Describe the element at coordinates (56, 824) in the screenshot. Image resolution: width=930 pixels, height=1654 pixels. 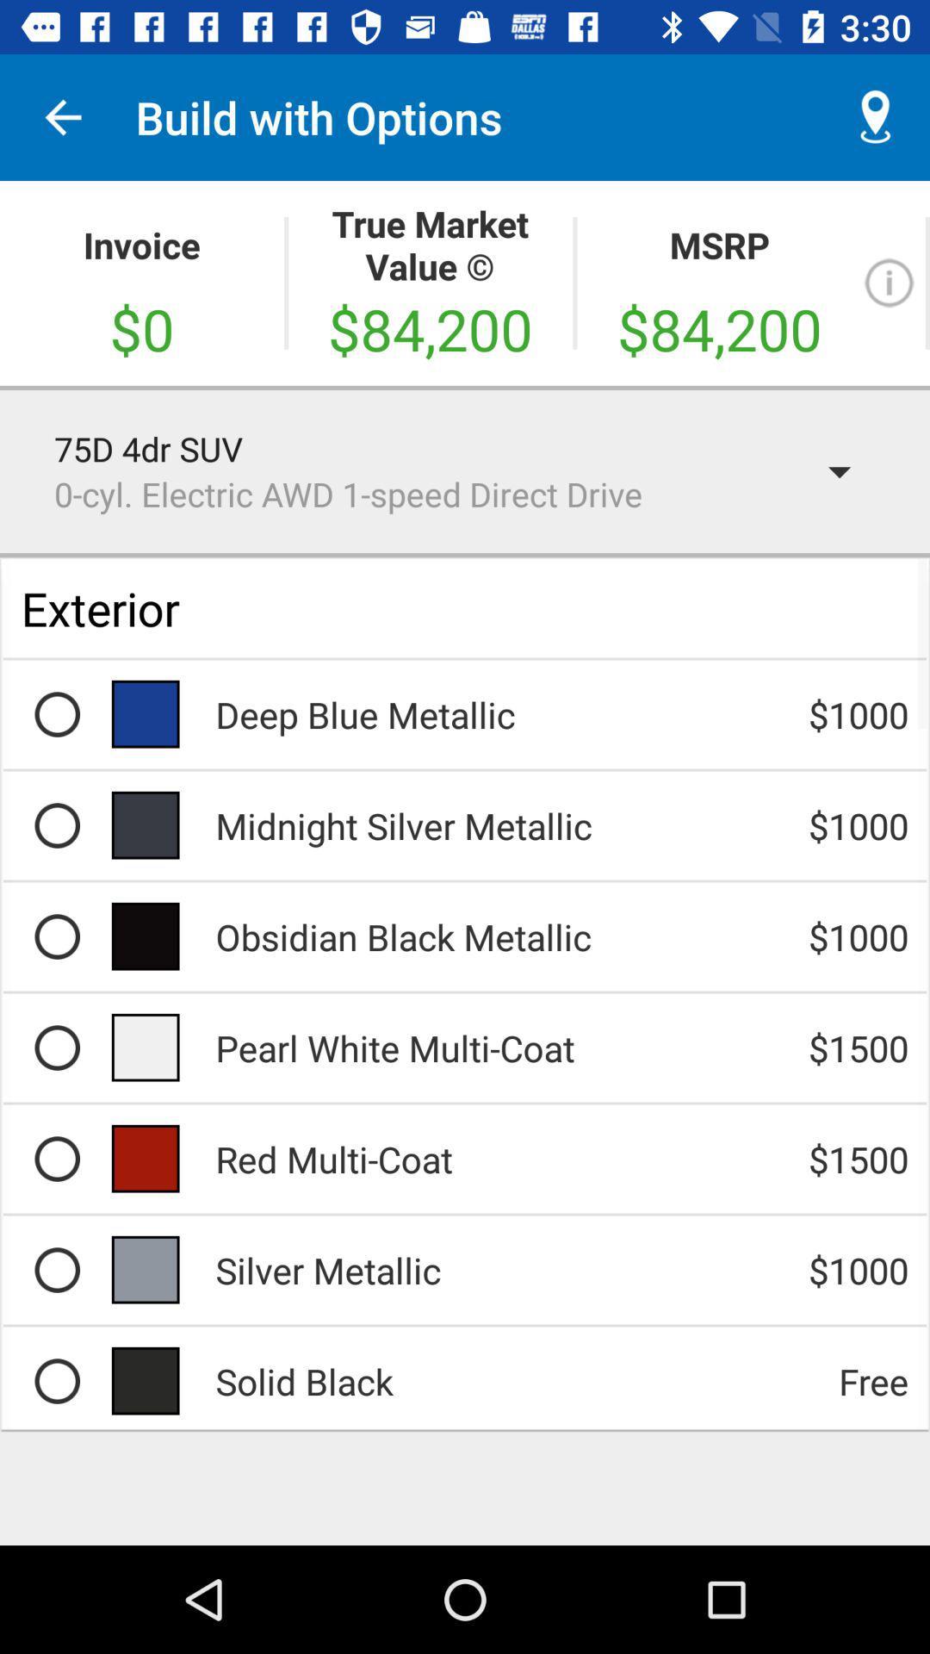
I see `choose midnight silver metallic` at that location.